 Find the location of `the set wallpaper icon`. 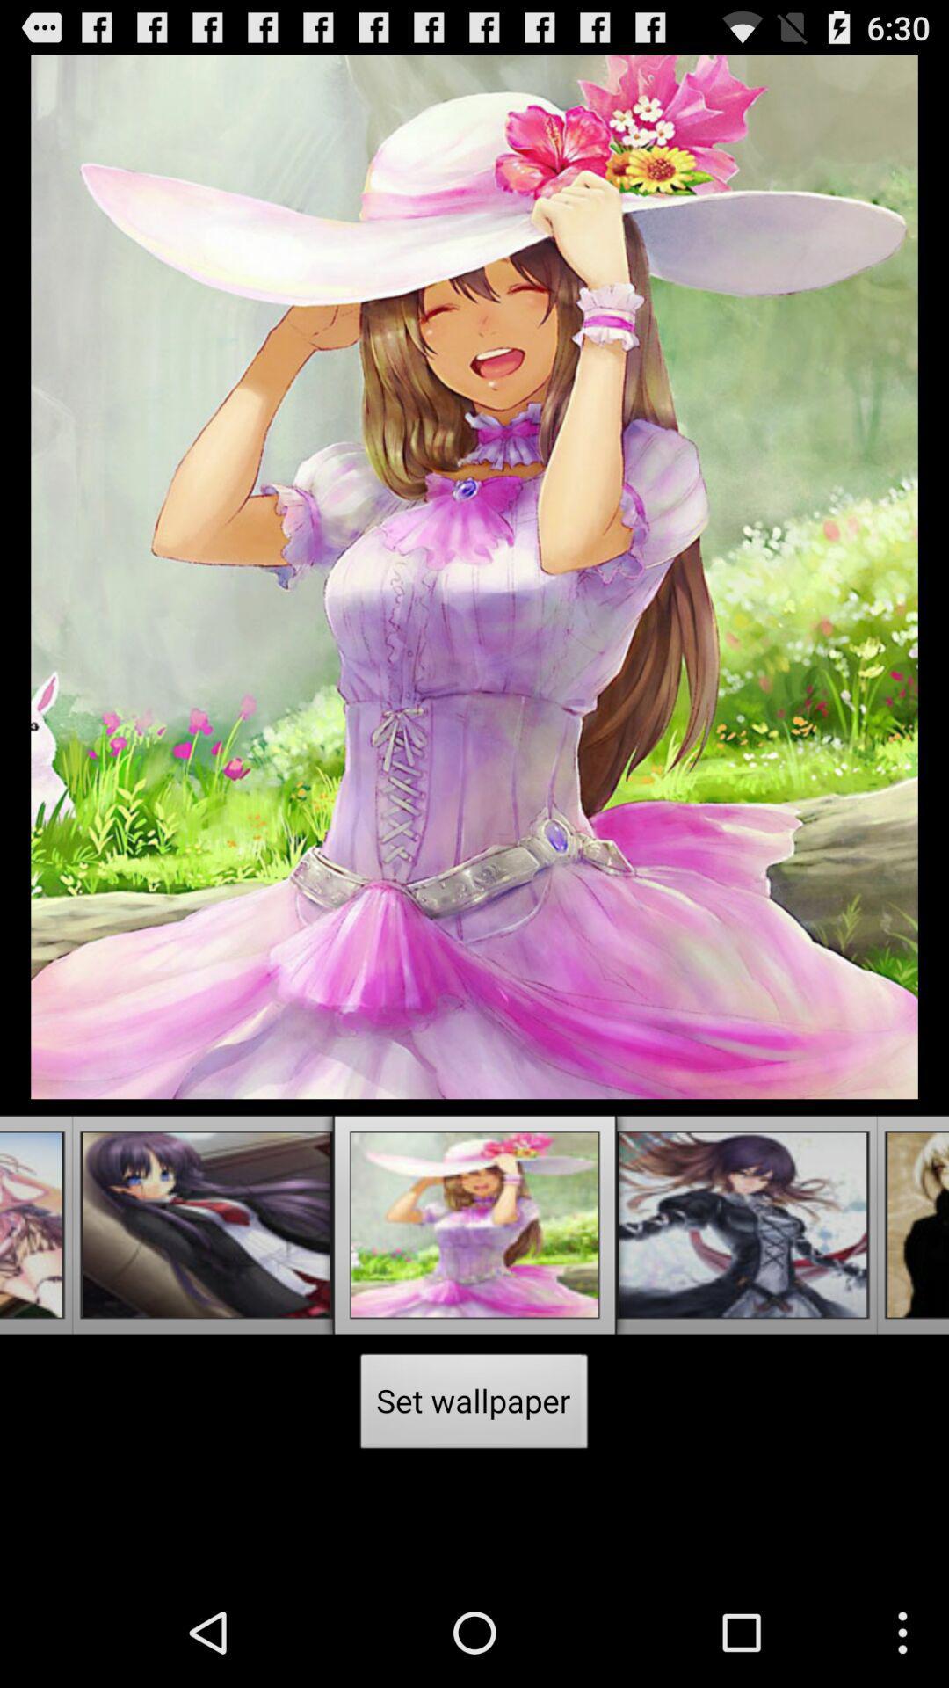

the set wallpaper icon is located at coordinates (474, 1405).